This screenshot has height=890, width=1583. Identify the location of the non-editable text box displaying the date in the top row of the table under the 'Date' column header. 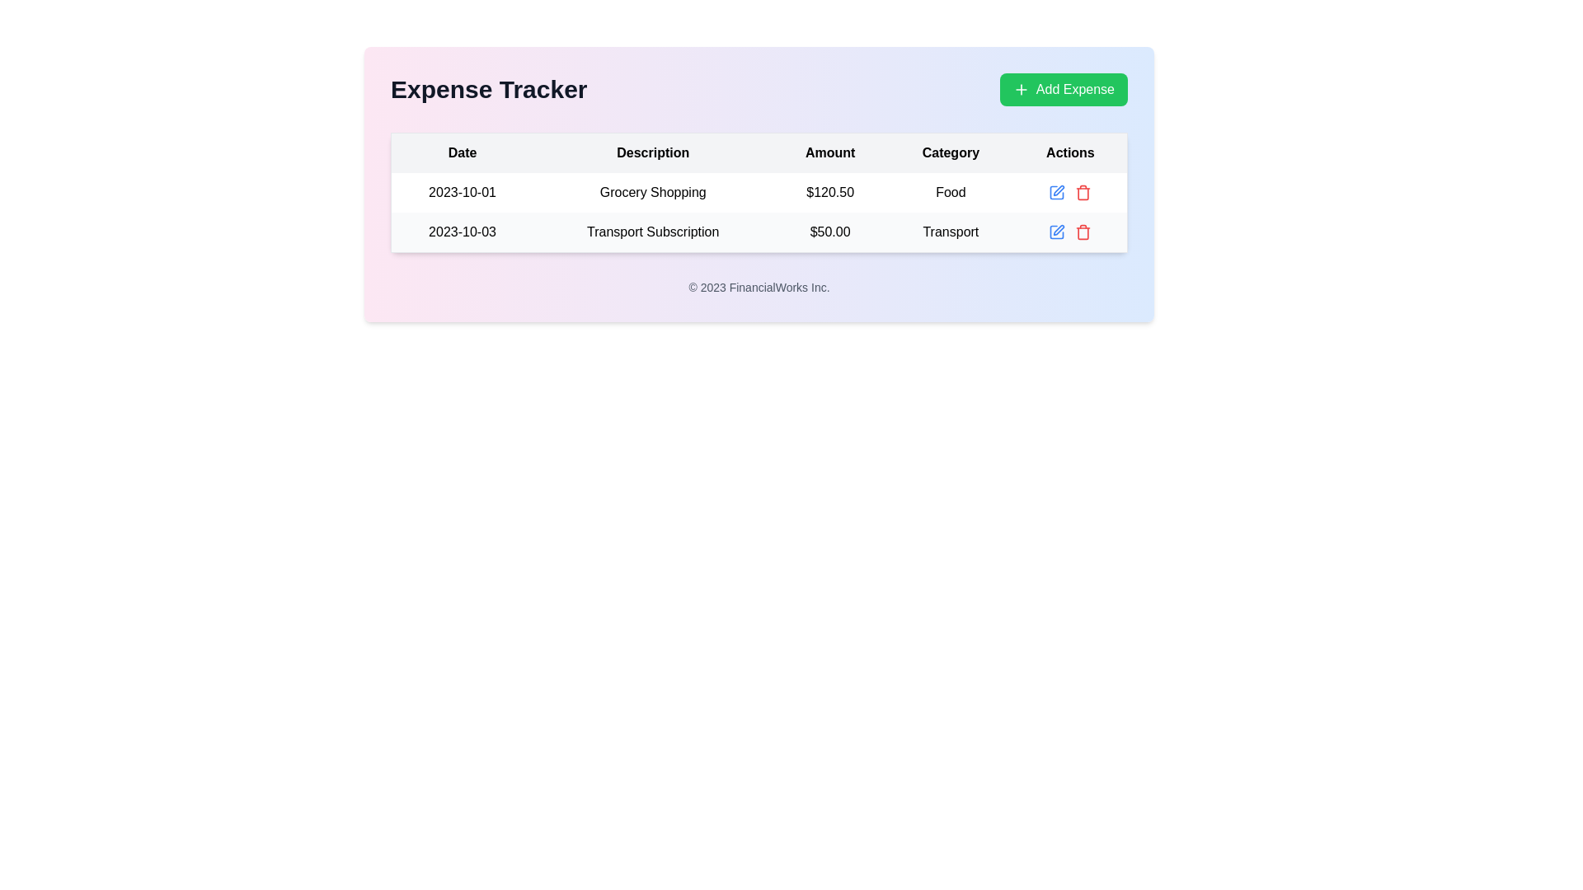
(462, 192).